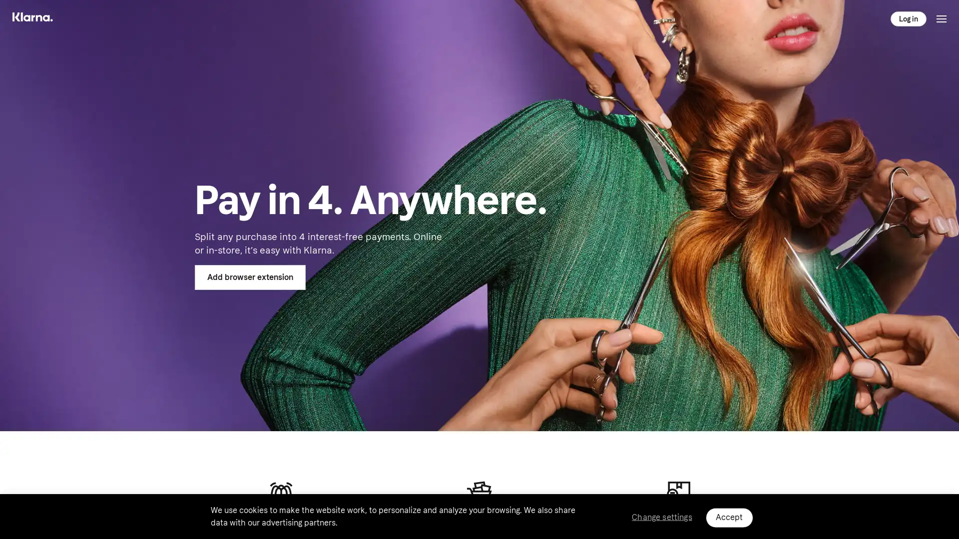 The width and height of the screenshot is (959, 539). I want to click on Add browser extension, so click(250, 277).